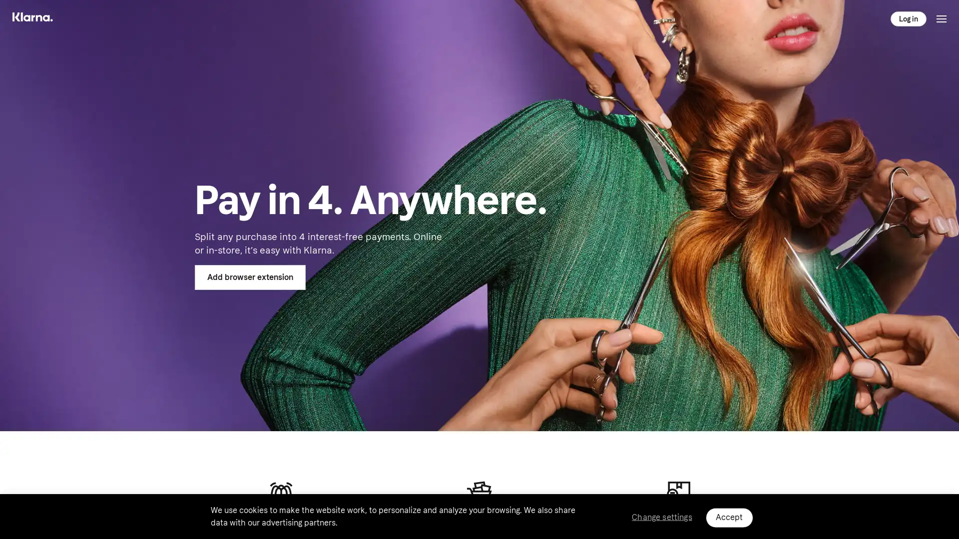 The width and height of the screenshot is (959, 539). I want to click on Add browser extension, so click(250, 277).